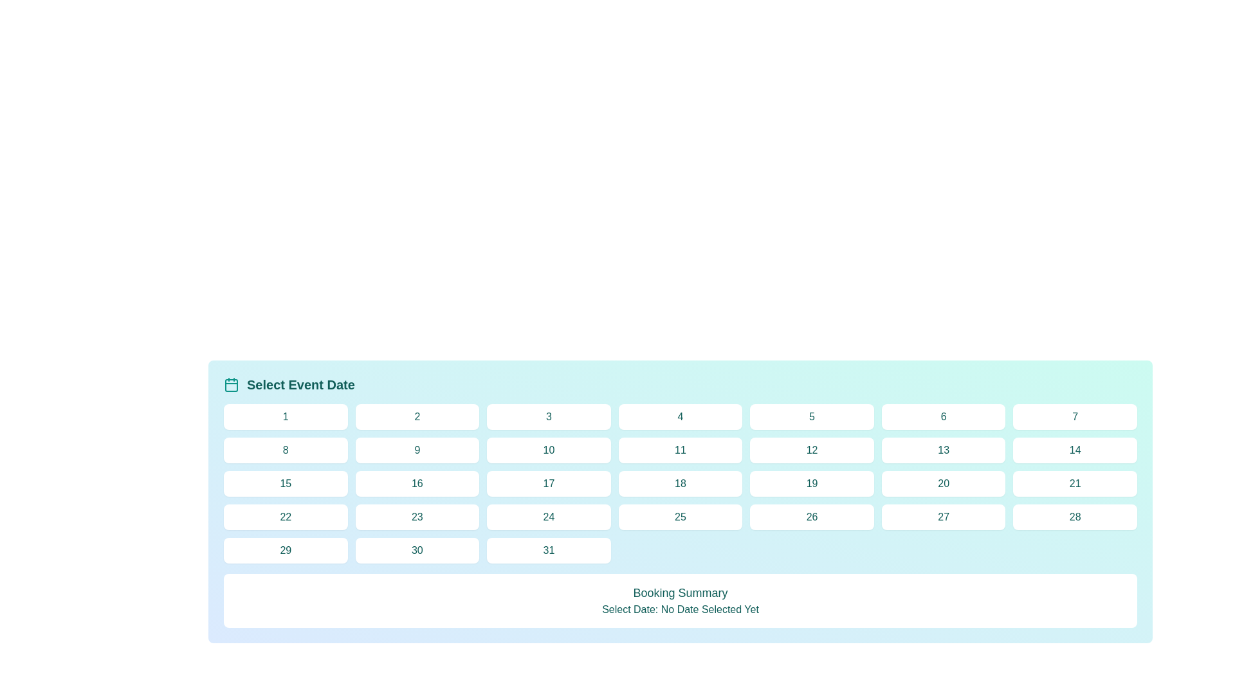  I want to click on the selectable date button for the 8th day in the calendar grid, so click(285, 450).